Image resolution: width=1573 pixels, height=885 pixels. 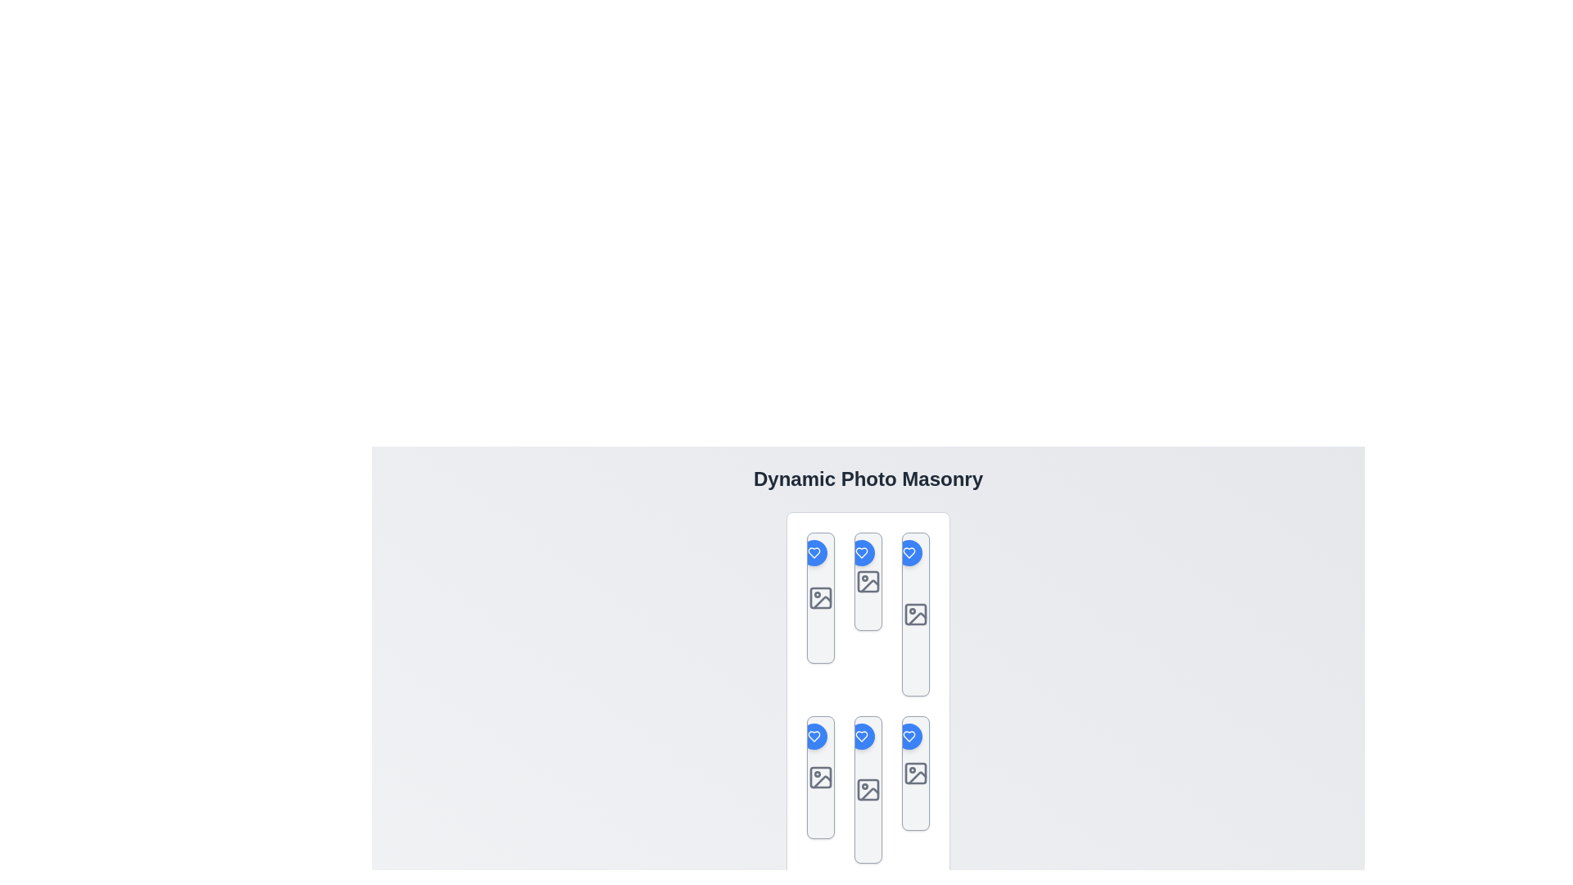 What do you see at coordinates (821, 597) in the screenshot?
I see `the image placeholder icon, which is a square with rounded corners and a smaller filled circle inside, located in the center column of the layout as the second item` at bounding box center [821, 597].